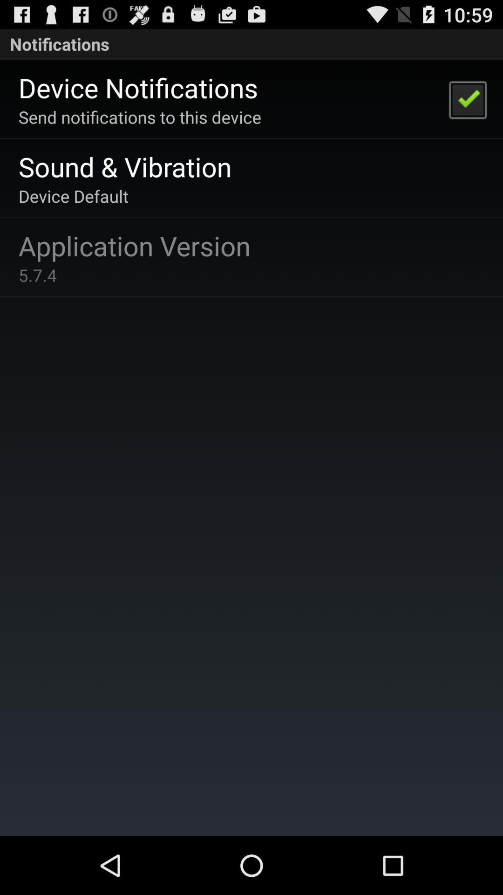 The height and width of the screenshot is (895, 503). I want to click on sound & vibration, so click(124, 166).